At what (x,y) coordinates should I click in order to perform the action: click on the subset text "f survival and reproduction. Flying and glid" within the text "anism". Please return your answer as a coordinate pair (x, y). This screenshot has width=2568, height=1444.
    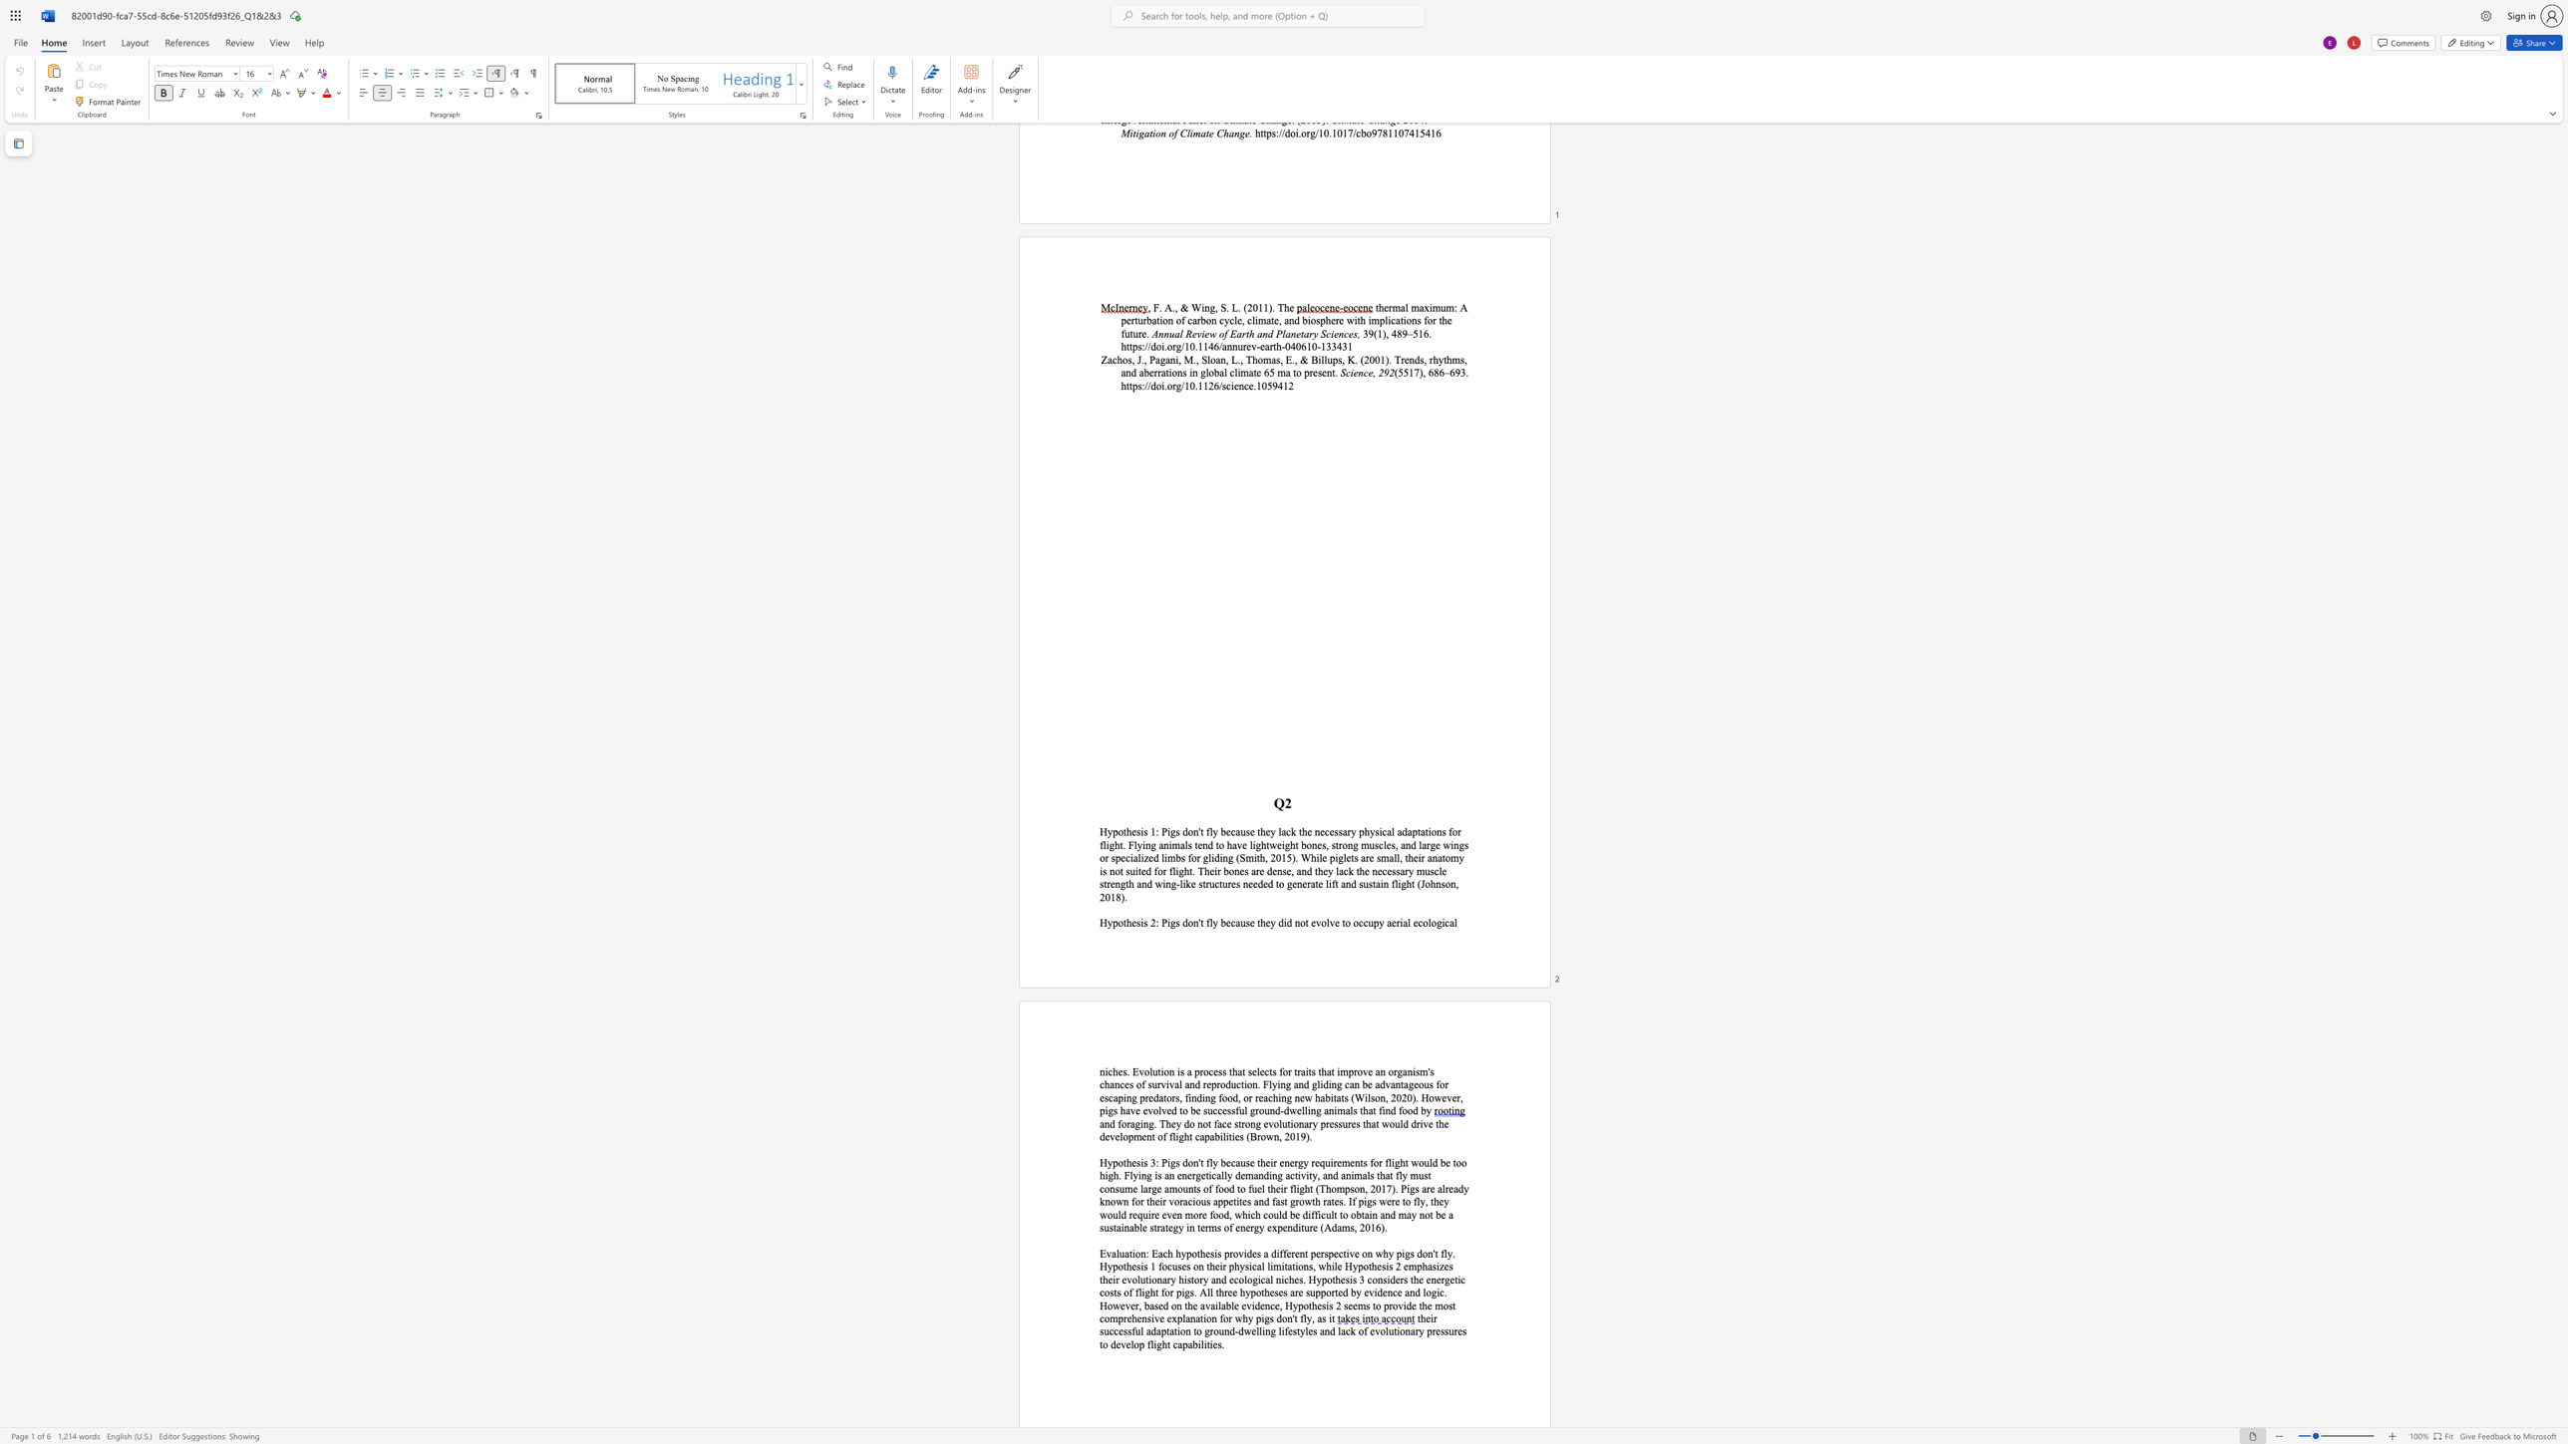
    Looking at the image, I should click on (1140, 1084).